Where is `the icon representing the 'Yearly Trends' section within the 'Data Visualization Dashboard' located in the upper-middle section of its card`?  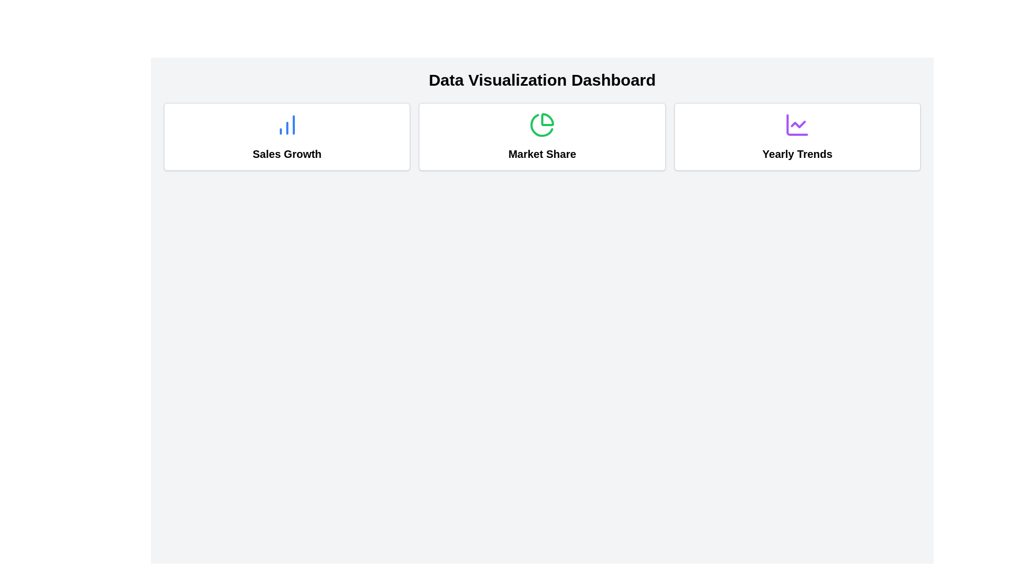
the icon representing the 'Yearly Trends' section within the 'Data Visualization Dashboard' located in the upper-middle section of its card is located at coordinates (797, 124).